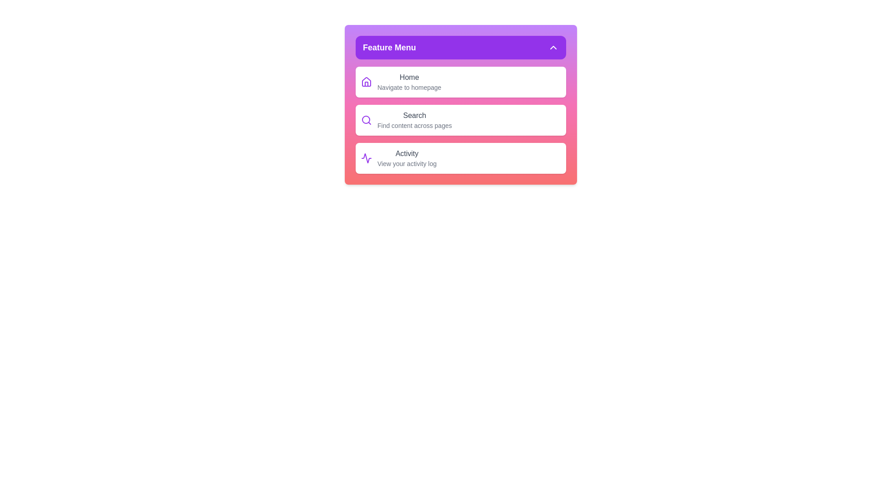 Image resolution: width=871 pixels, height=490 pixels. I want to click on the 'Feature Menu' button to toggle the menu, so click(461, 47).